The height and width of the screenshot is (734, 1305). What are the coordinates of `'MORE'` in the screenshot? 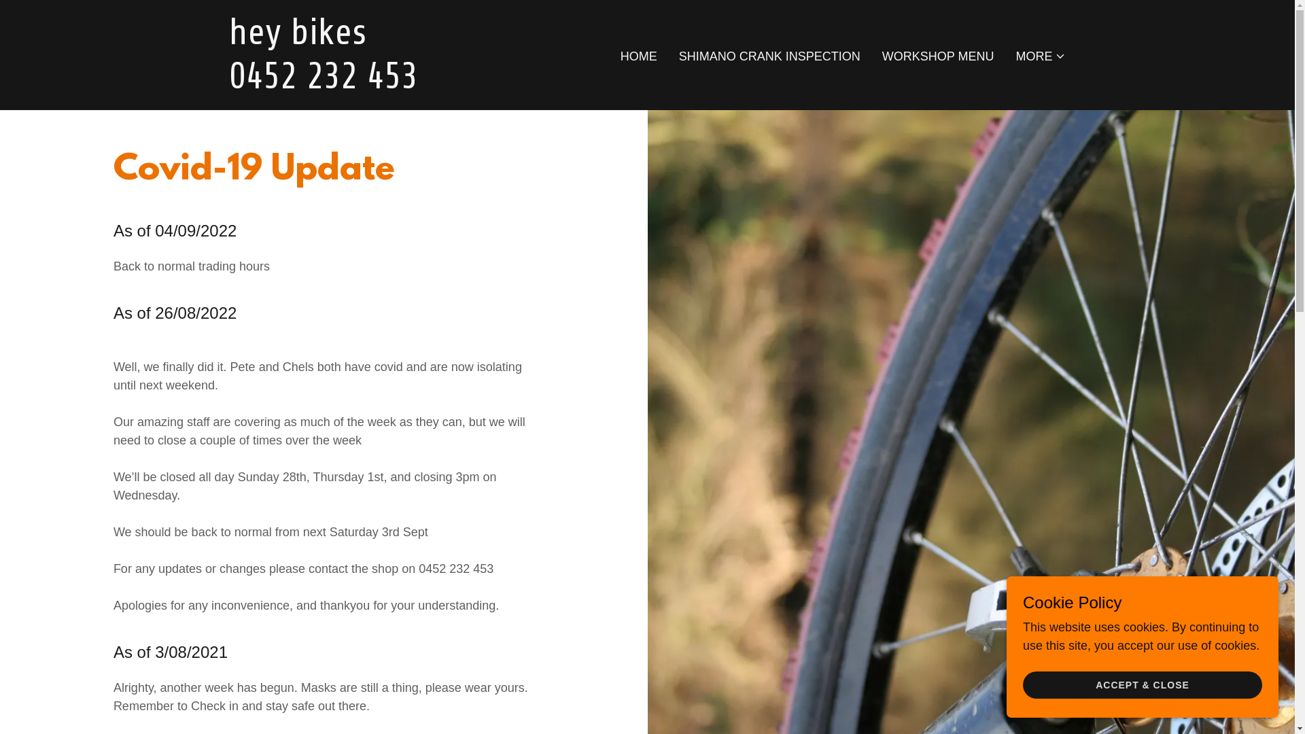 It's located at (1040, 56).